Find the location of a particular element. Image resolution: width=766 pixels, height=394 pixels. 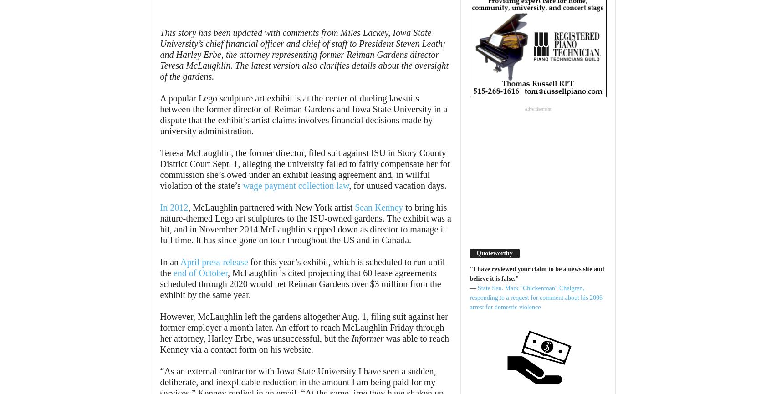

'to bring his nature-themed Lego art sculptures to the ISU-owned gardens. The exhibit was a hit, and in November 2014 McLaughlin stepped down as director to manage it full time. It has since gone on tour throughout the US and in Canada.' is located at coordinates (305, 223).